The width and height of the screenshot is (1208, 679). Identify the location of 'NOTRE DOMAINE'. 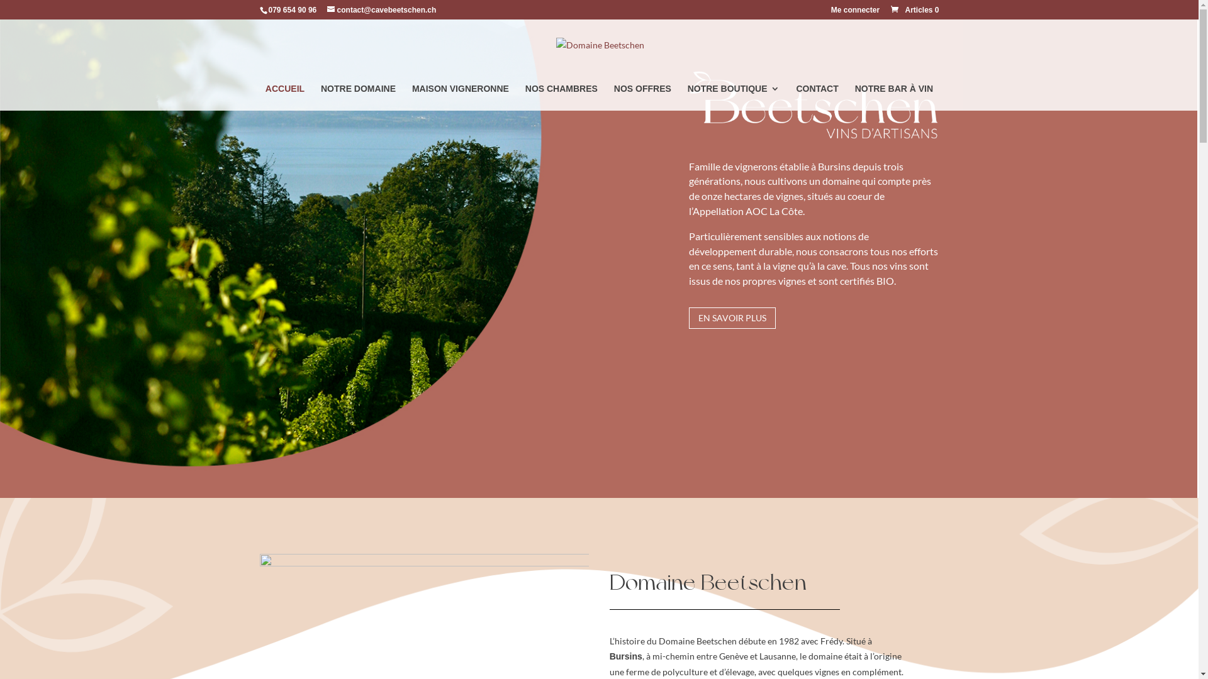
(320, 96).